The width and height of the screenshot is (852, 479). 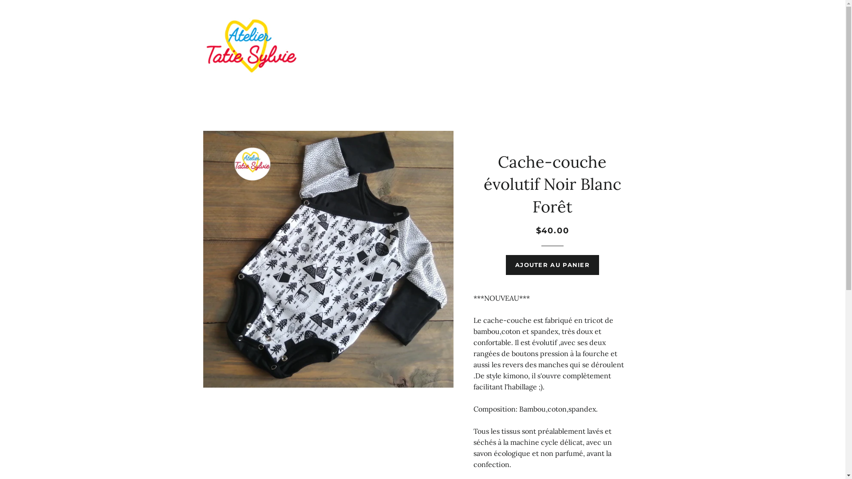 What do you see at coordinates (552, 264) in the screenshot?
I see `'AJOUTER AU PANIER'` at bounding box center [552, 264].